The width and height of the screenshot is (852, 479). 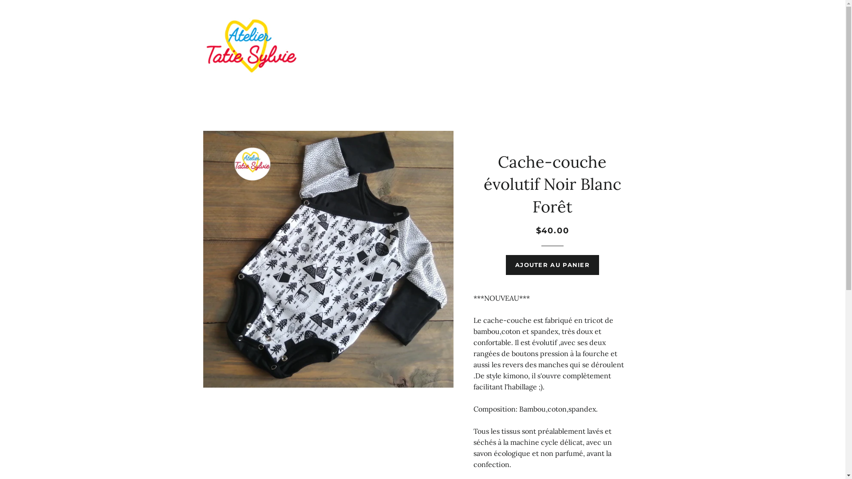 What do you see at coordinates (552, 264) in the screenshot?
I see `'AJOUTER AU PANIER'` at bounding box center [552, 264].